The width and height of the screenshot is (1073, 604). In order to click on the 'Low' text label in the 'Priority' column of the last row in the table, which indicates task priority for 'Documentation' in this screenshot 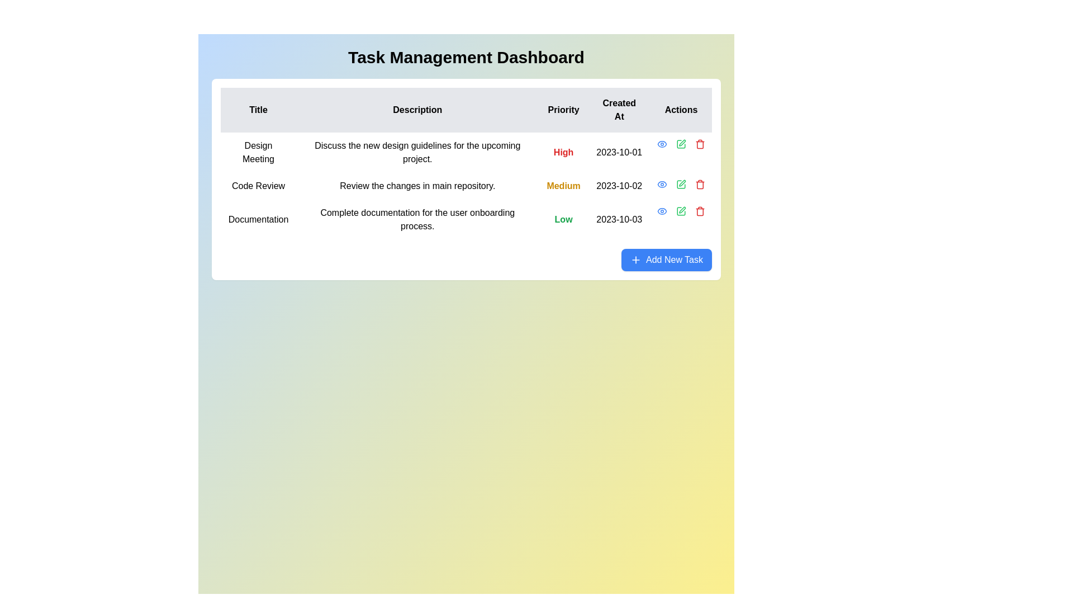, I will do `click(563, 220)`.